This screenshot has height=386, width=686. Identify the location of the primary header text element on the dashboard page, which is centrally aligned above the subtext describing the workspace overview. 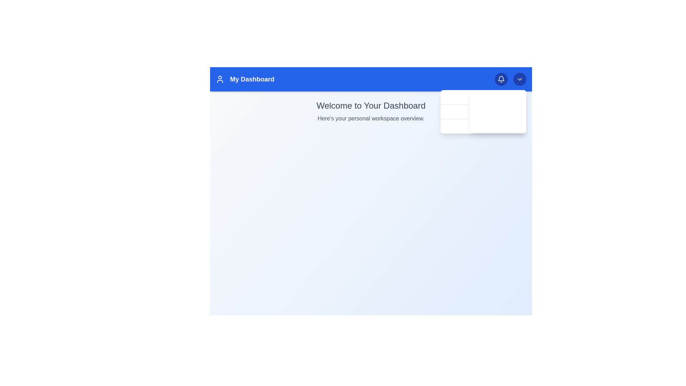
(371, 106).